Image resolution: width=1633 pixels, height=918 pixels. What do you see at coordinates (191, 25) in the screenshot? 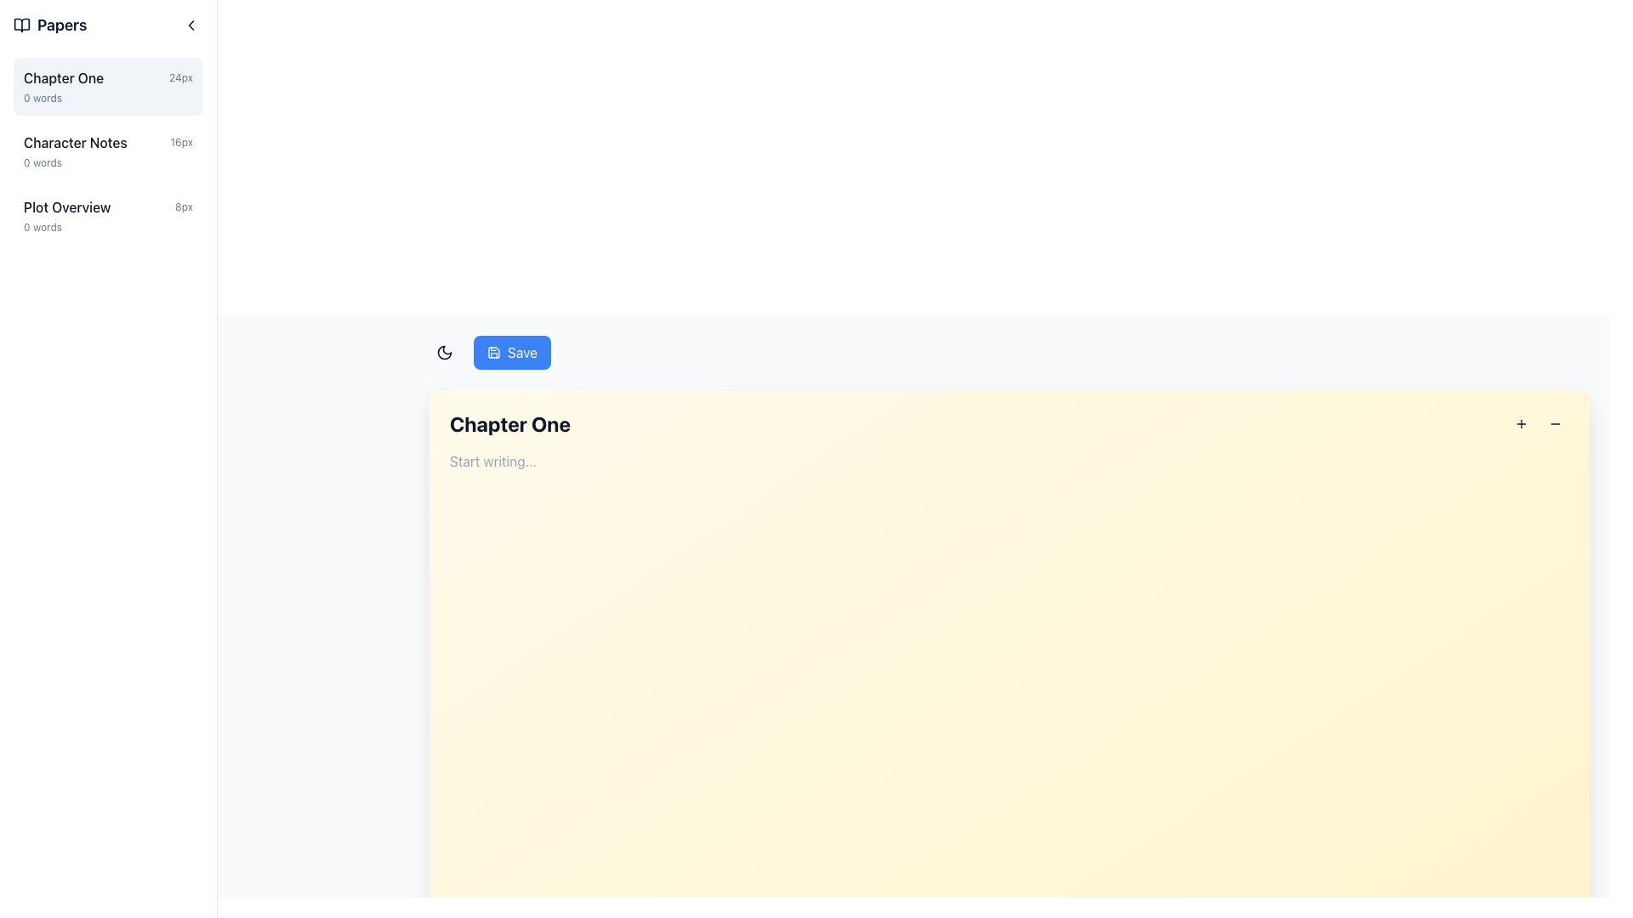
I see `the small leftward chevron button with a circular background located to the right of the 'Papers' heading at the top-left section of the page` at bounding box center [191, 25].